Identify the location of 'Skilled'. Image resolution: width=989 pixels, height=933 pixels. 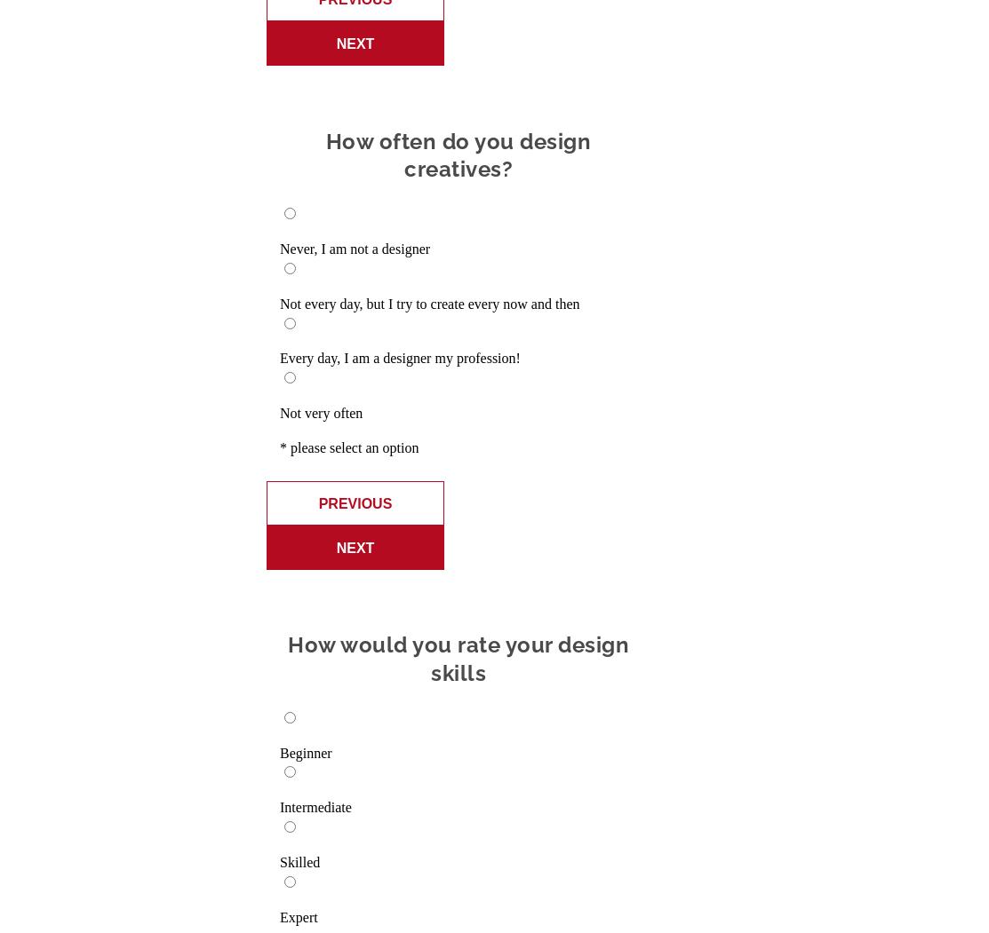
(299, 860).